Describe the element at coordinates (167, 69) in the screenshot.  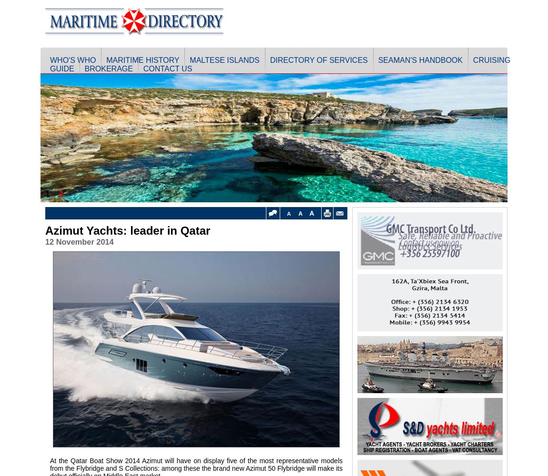
I see `'Contact Us'` at that location.